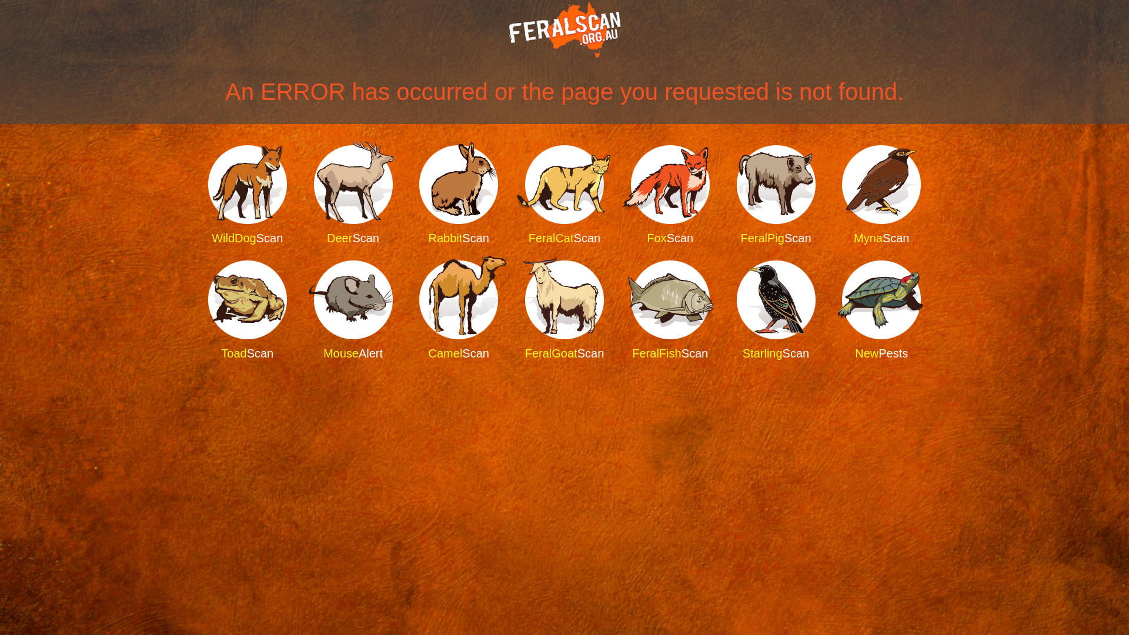  I want to click on 'WildDogScan', so click(247, 195).